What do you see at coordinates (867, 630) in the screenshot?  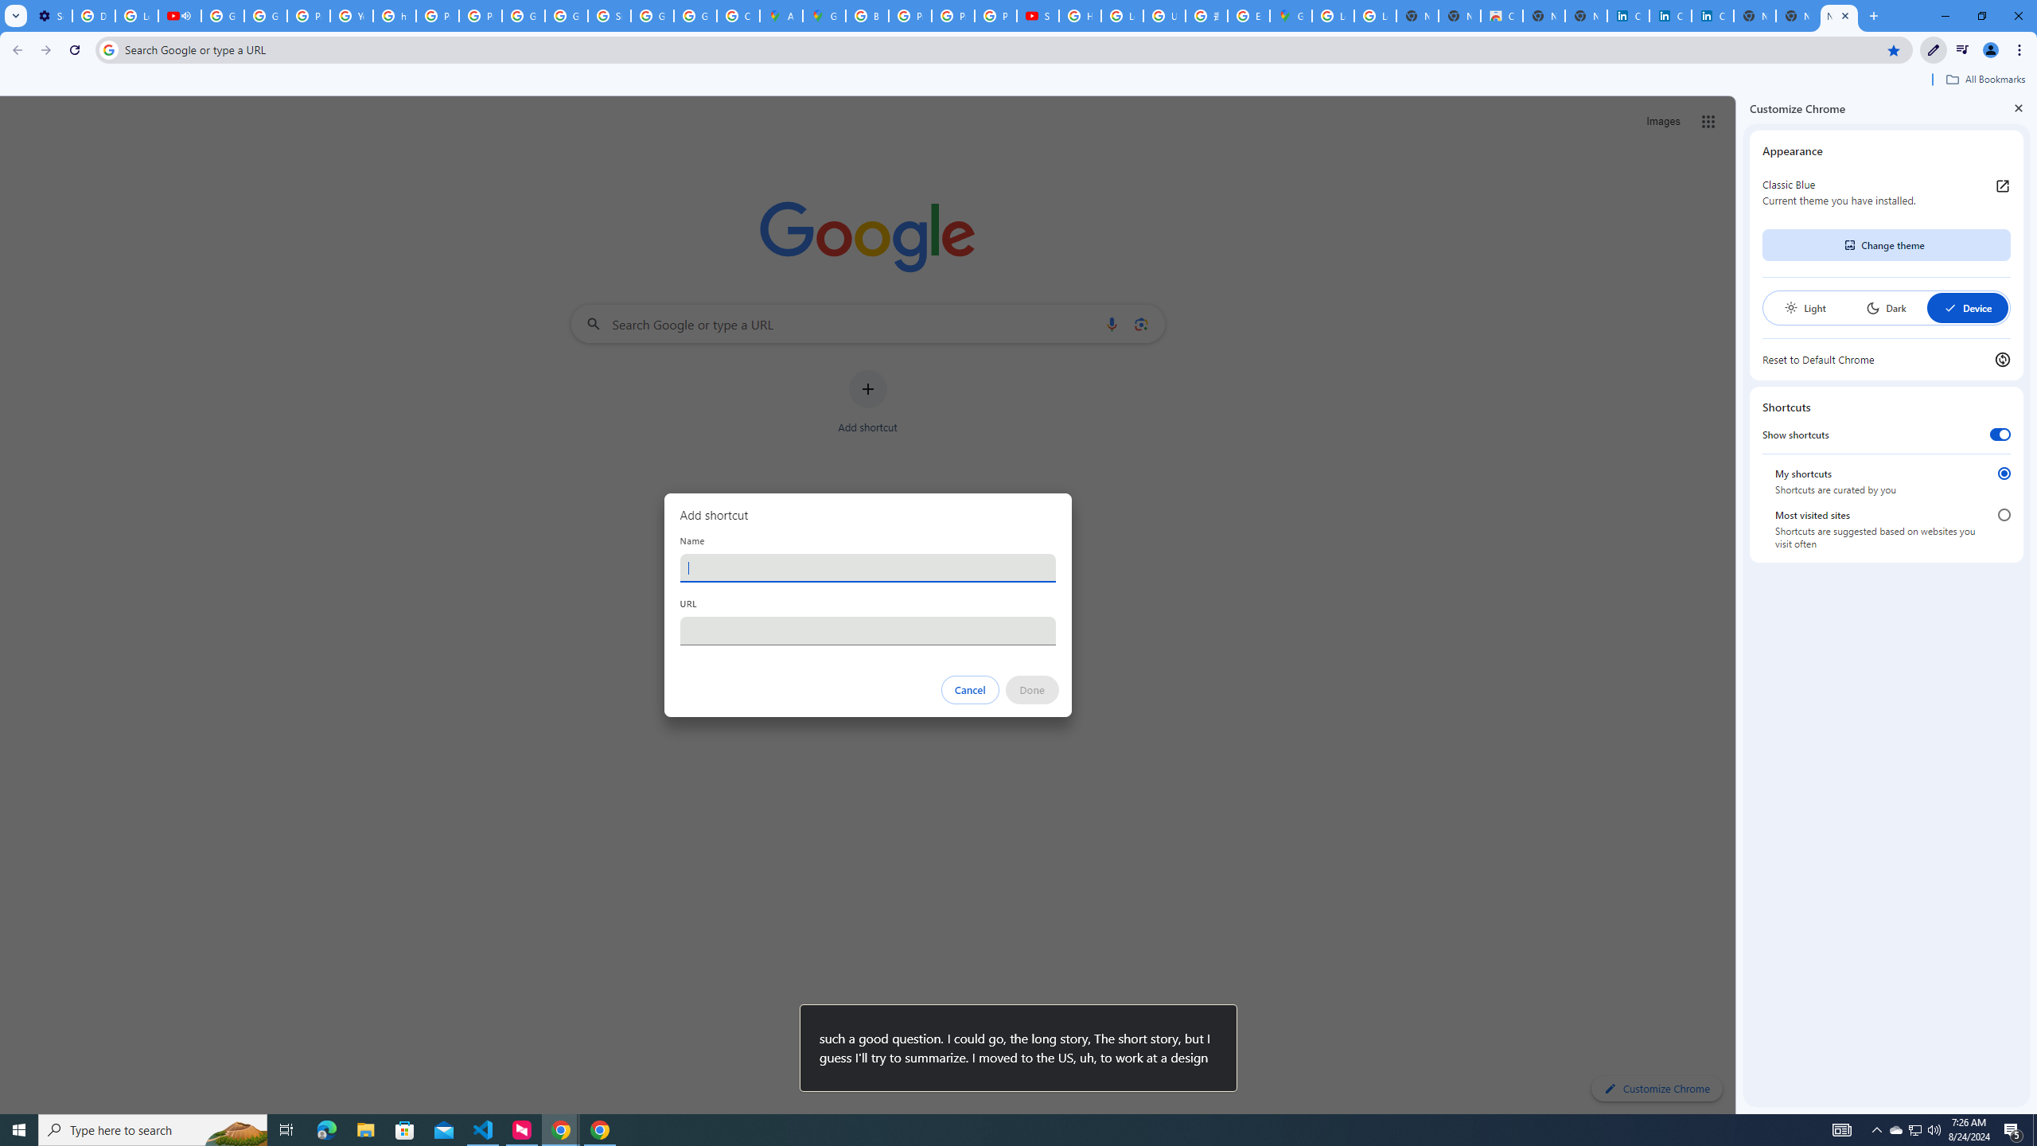 I see `'URL'` at bounding box center [867, 630].